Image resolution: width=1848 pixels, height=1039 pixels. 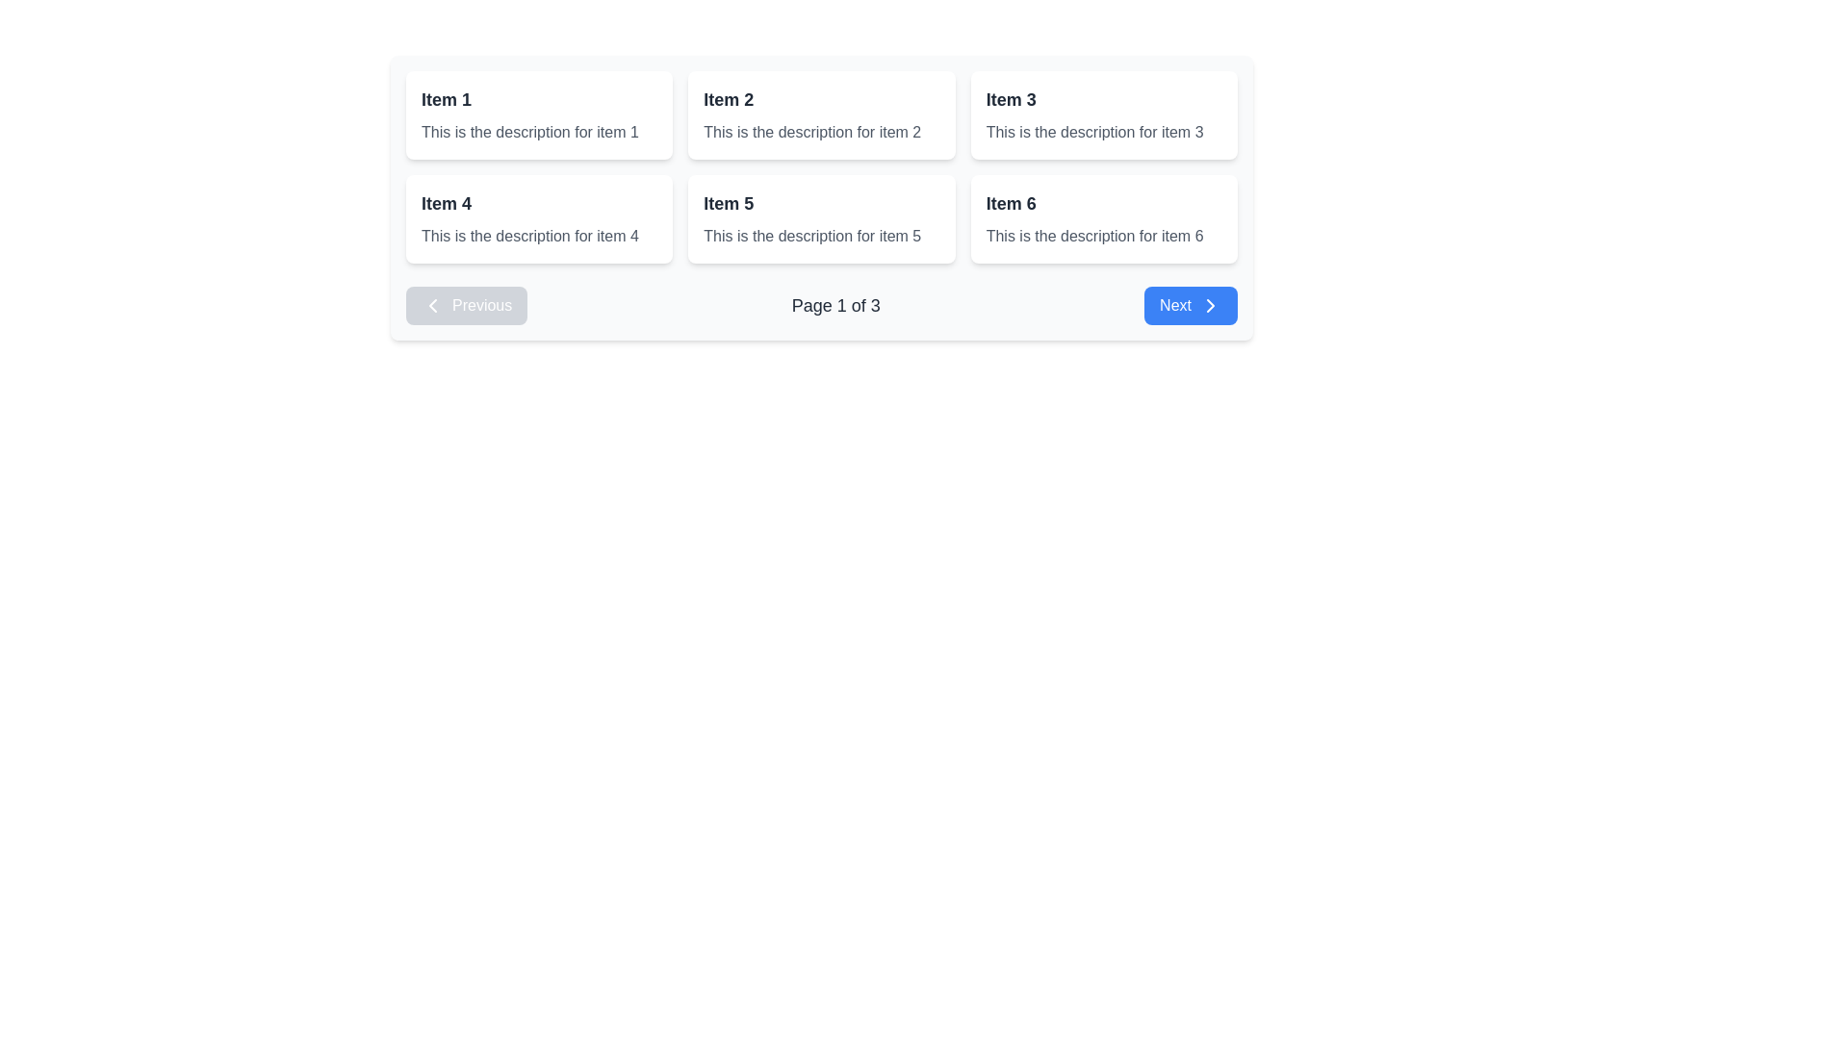 What do you see at coordinates (835, 304) in the screenshot?
I see `the Text label that informs the user of their current position out of the total number of pages available, which is located between the 'Previous' button and the 'Next' button in the horizontal navigation bar` at bounding box center [835, 304].